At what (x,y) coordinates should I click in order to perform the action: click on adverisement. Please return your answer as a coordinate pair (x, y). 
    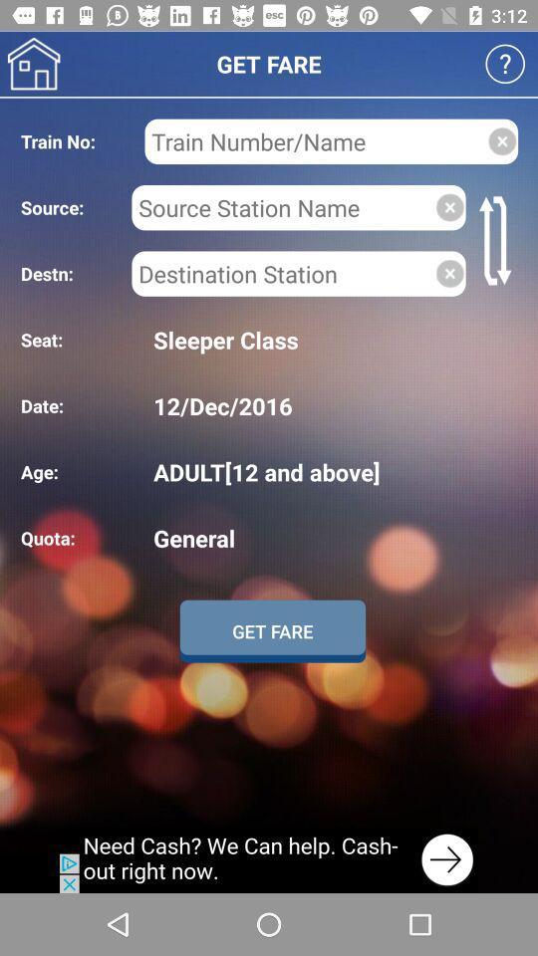
    Looking at the image, I should click on (269, 859).